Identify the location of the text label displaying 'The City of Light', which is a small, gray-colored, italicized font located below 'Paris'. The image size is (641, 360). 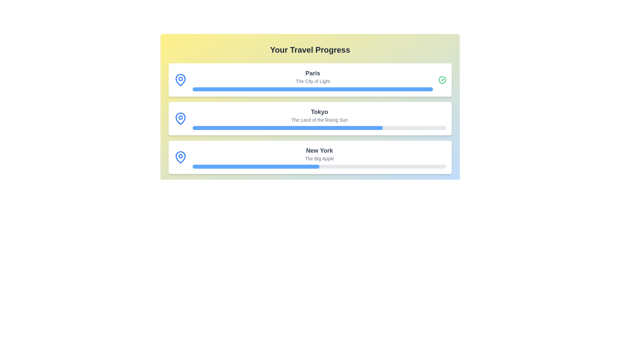
(312, 81).